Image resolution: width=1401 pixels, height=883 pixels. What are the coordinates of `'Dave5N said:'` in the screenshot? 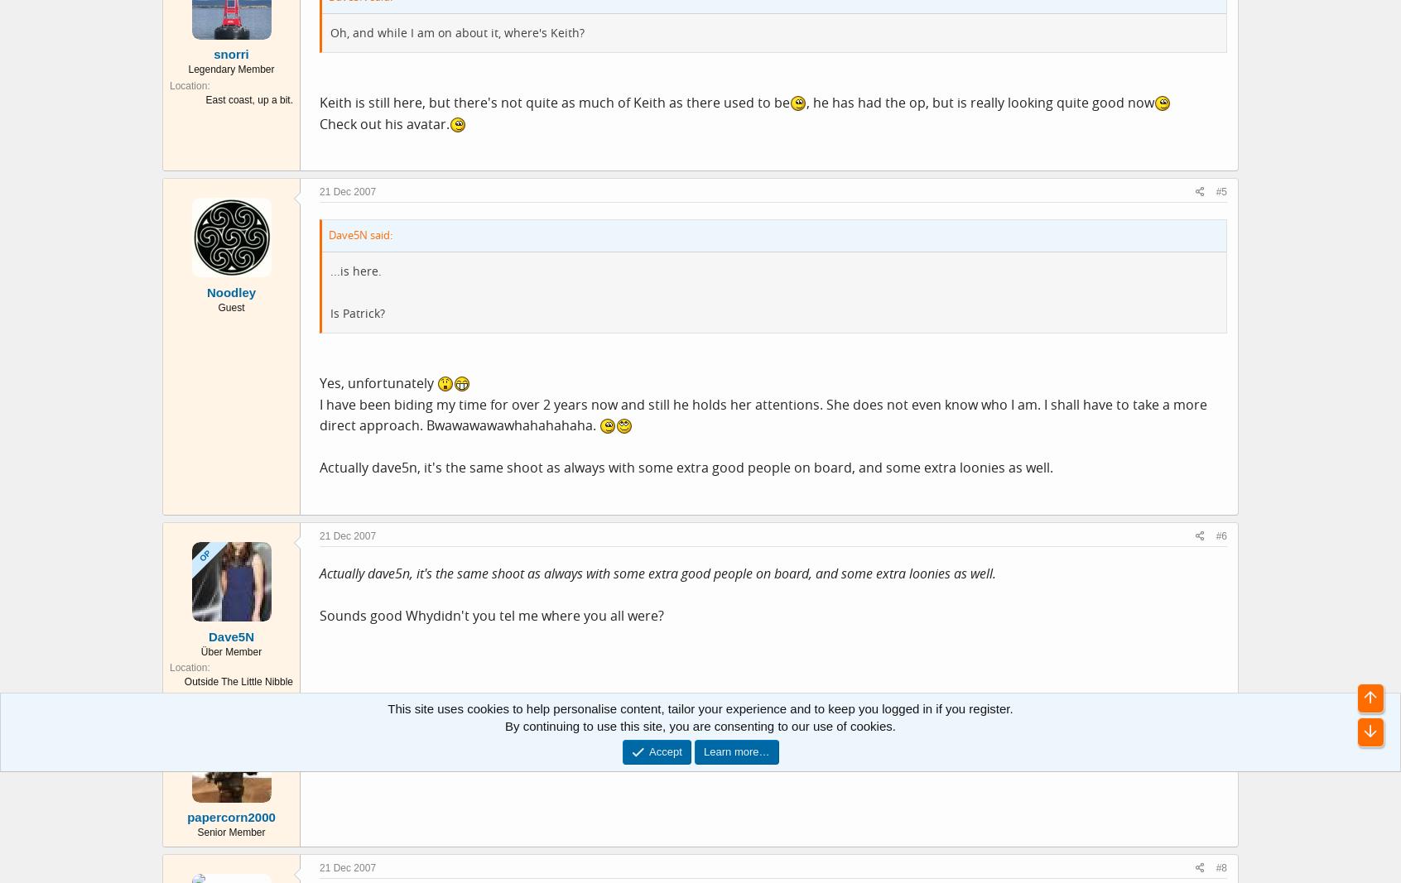 It's located at (359, 235).